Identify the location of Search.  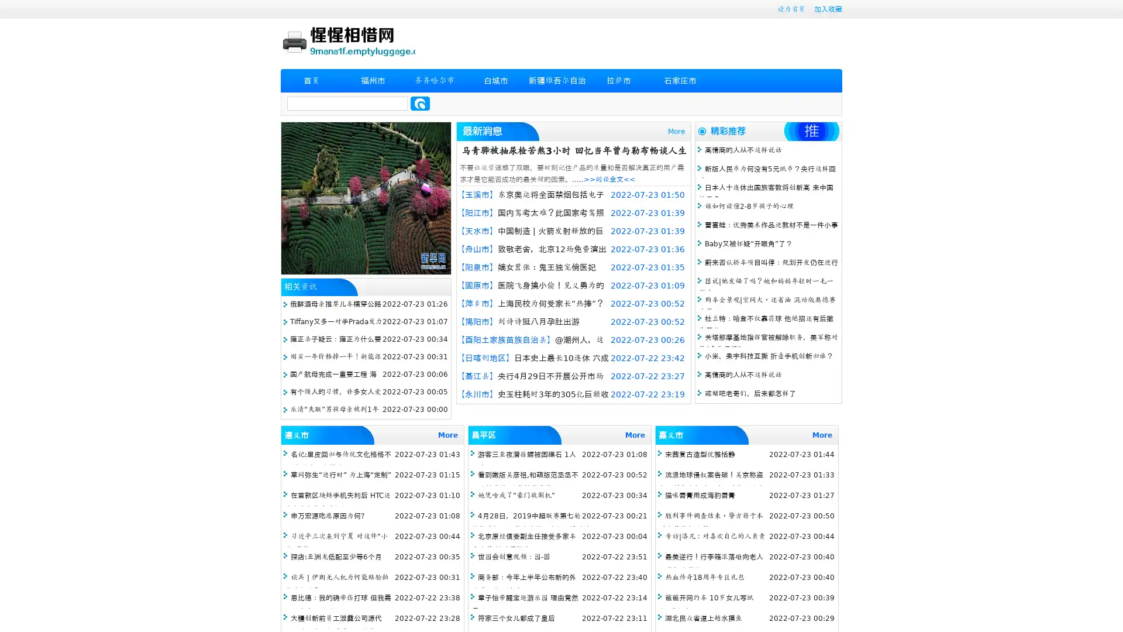
(420, 103).